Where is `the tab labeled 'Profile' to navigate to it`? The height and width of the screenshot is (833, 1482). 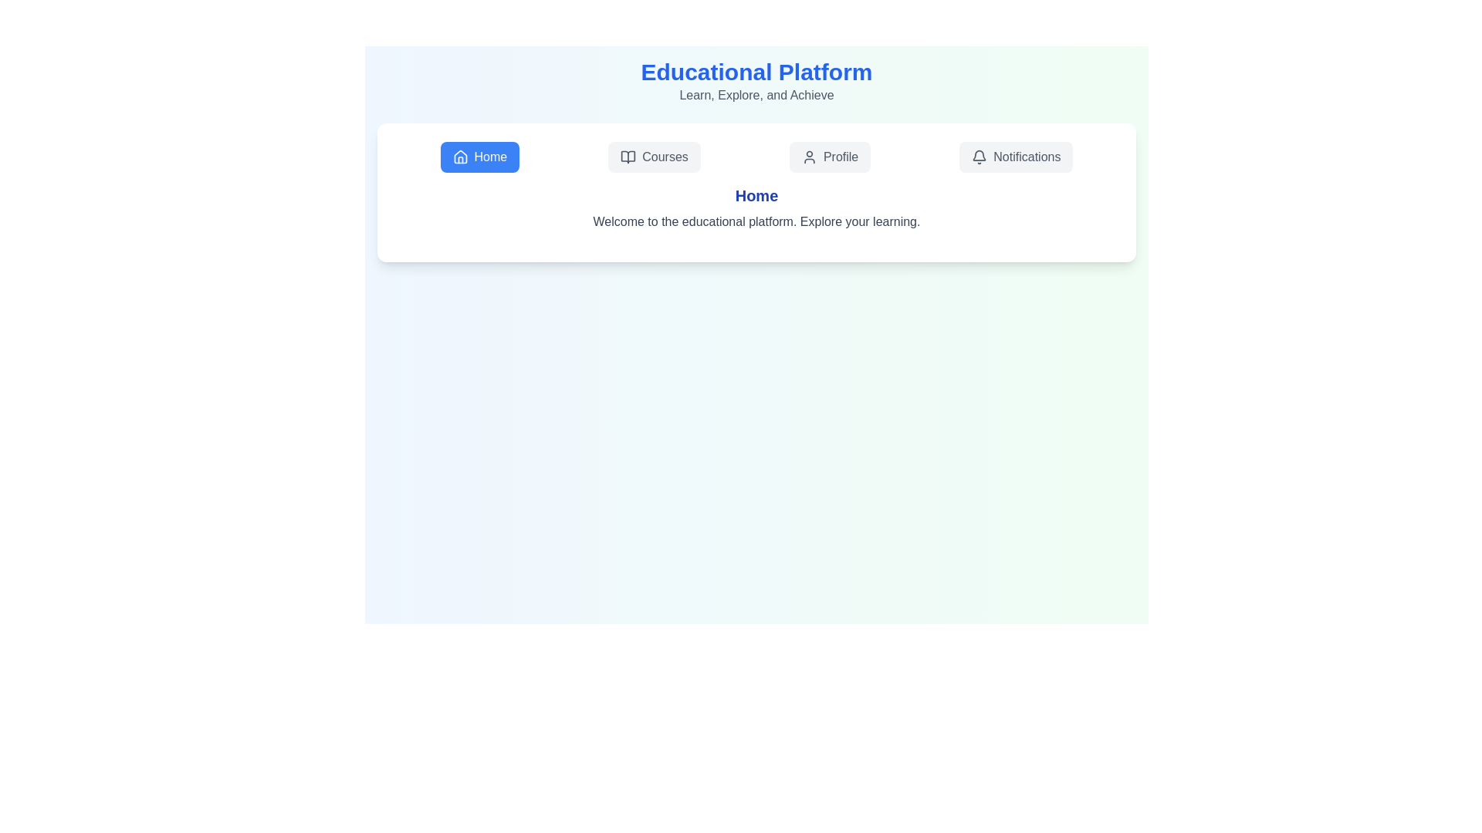 the tab labeled 'Profile' to navigate to it is located at coordinates (829, 157).